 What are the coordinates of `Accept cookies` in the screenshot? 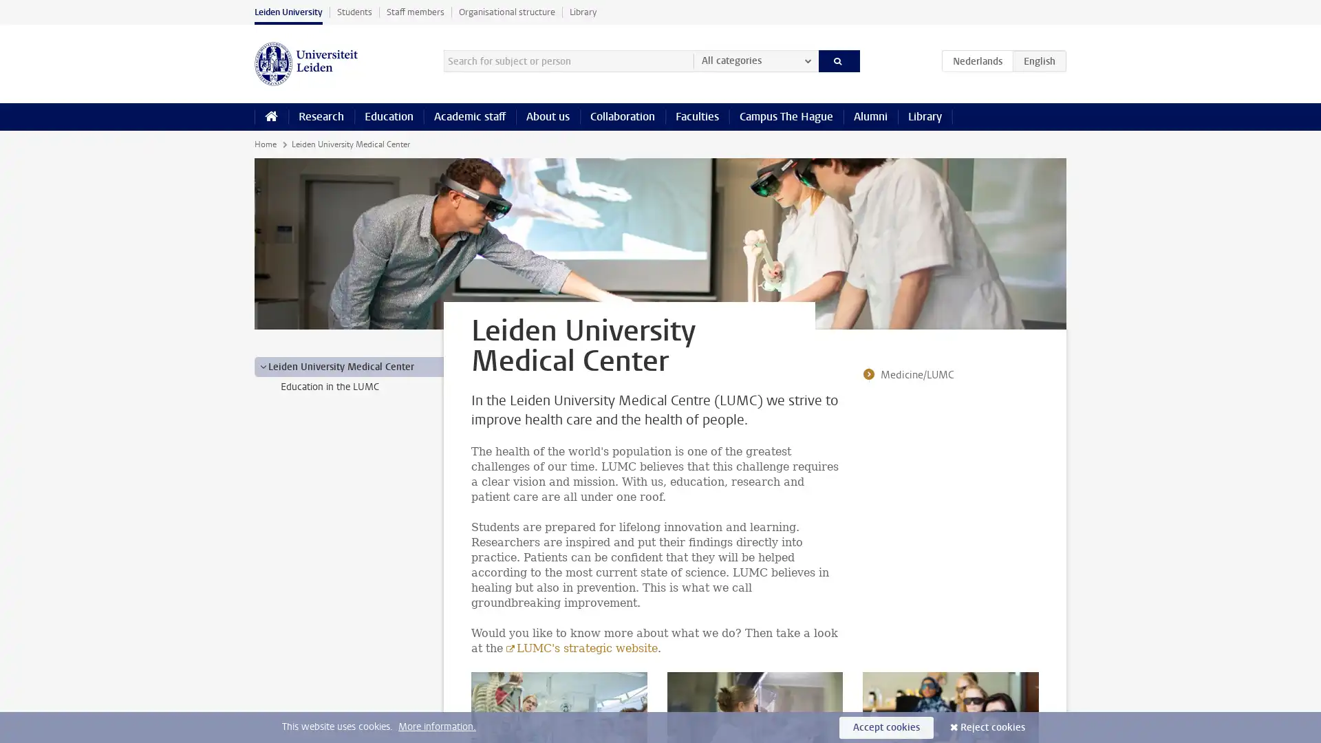 It's located at (886, 726).